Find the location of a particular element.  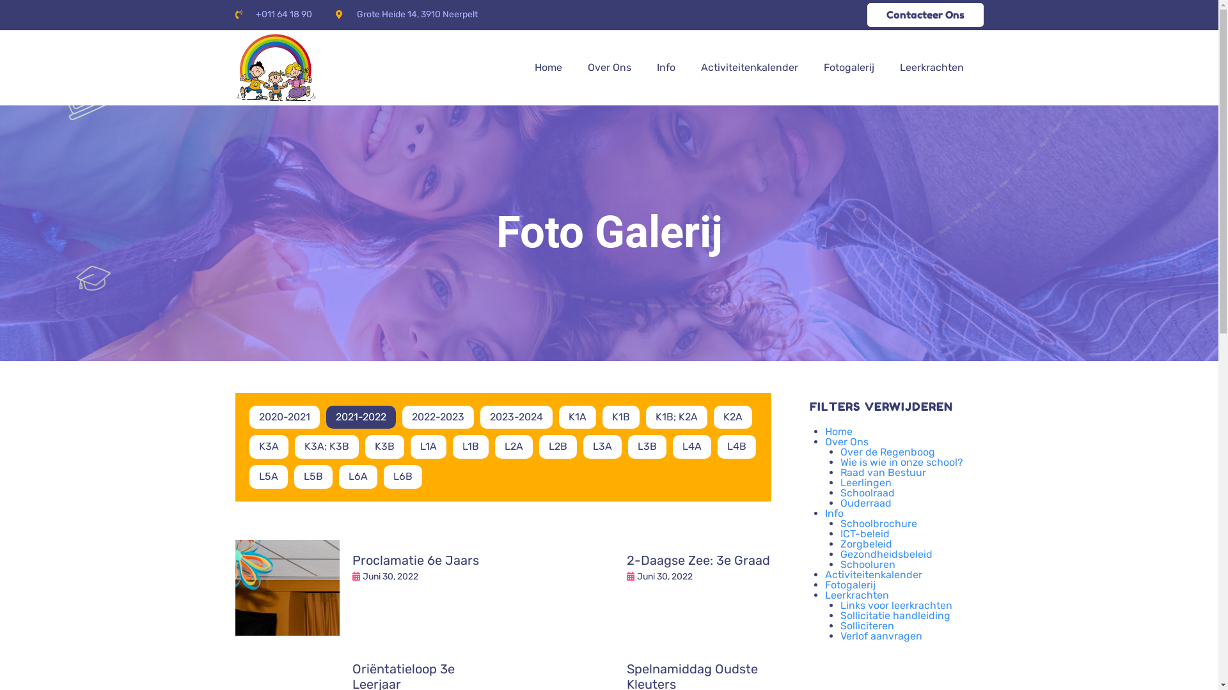

'Schooluren' is located at coordinates (840, 563).